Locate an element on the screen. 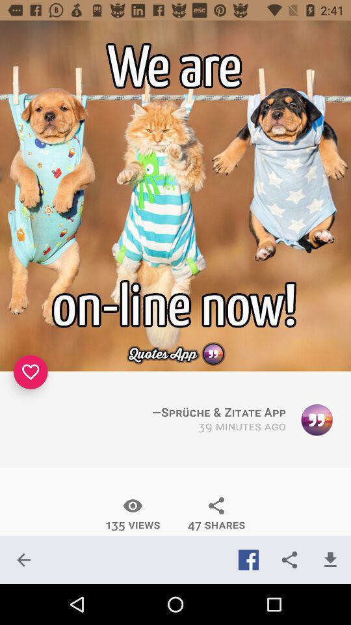 This screenshot has width=351, height=625. app online is located at coordinates (175, 196).